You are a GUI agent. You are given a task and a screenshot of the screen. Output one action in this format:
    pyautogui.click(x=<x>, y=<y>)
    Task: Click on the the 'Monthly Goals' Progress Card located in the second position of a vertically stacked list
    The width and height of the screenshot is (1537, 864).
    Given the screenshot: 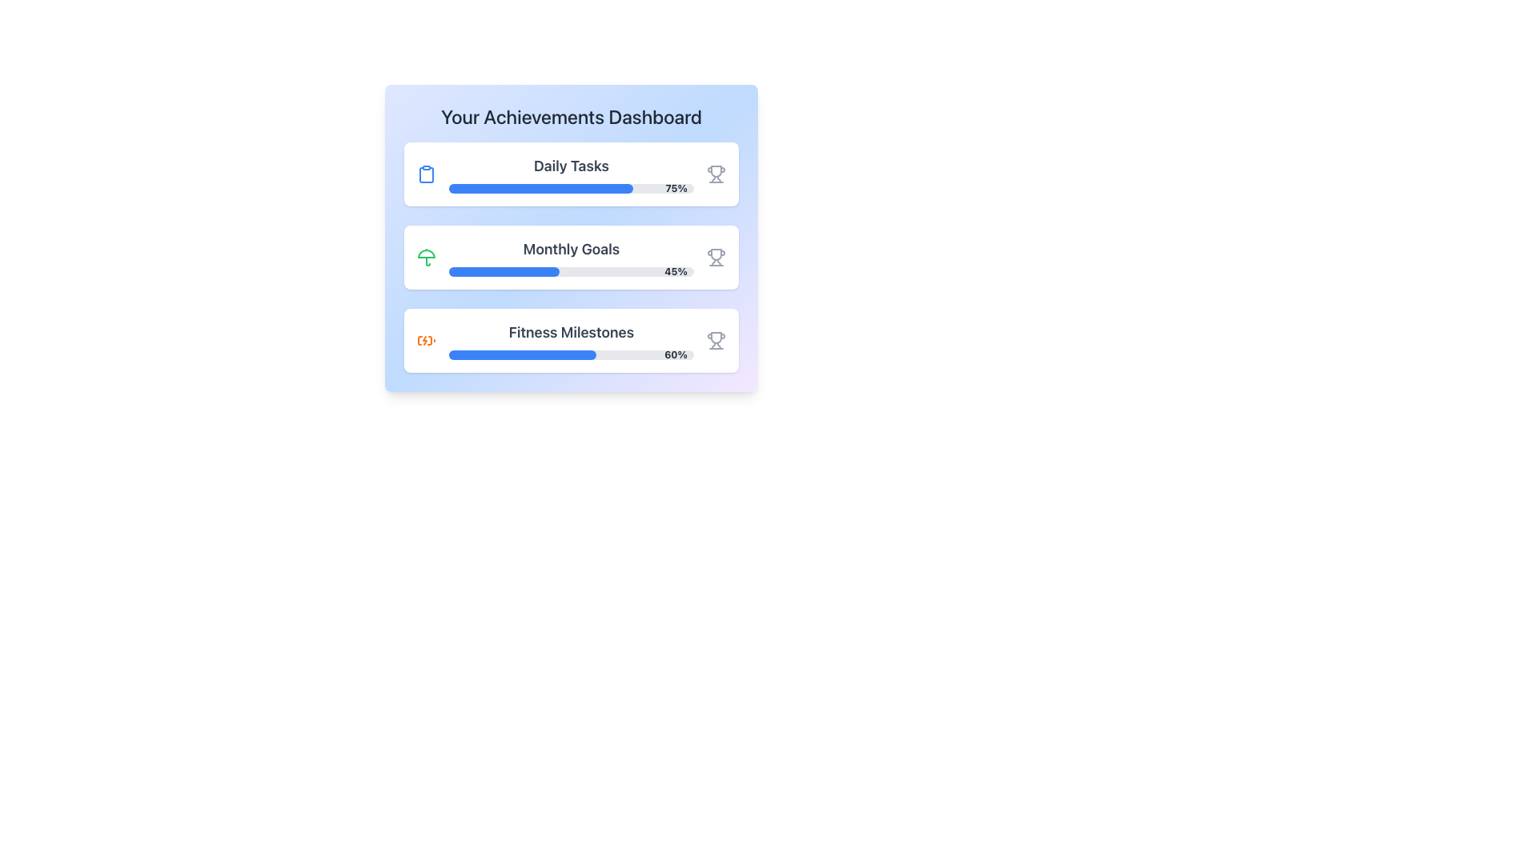 What is the action you would take?
    pyautogui.click(x=572, y=256)
    